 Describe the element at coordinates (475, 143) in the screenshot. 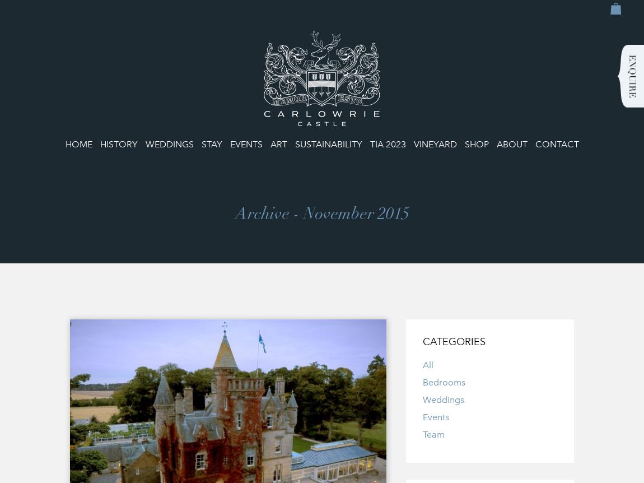

I see `'Shop'` at that location.